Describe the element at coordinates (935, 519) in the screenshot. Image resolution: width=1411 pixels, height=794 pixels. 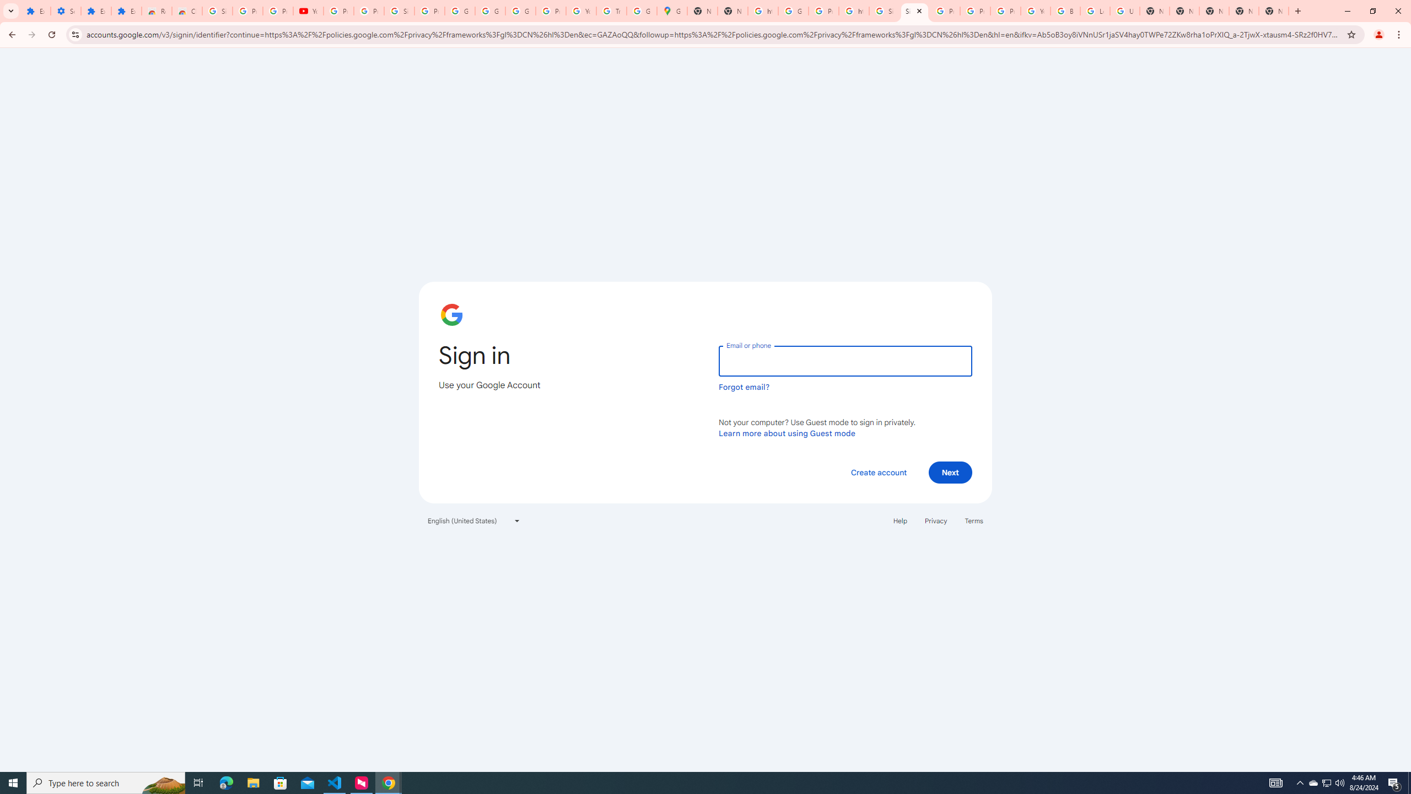
I see `'Privacy'` at that location.